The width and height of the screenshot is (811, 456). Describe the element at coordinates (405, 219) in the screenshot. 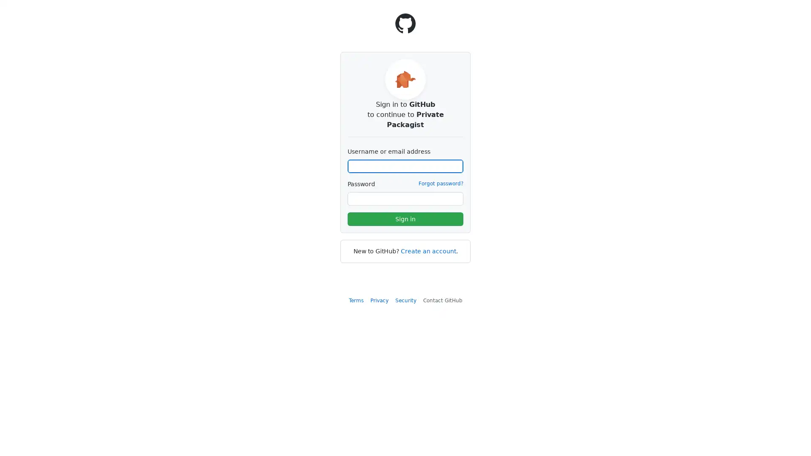

I see `Sign in` at that location.